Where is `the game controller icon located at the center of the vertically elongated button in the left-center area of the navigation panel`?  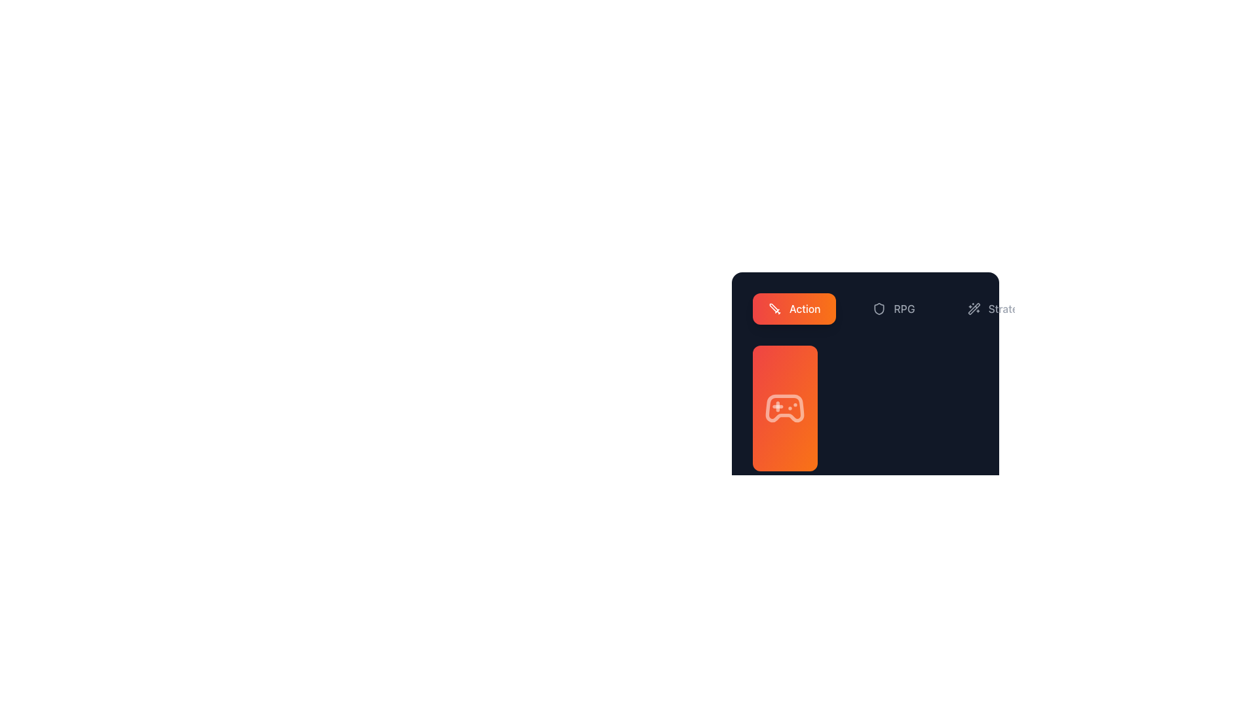 the game controller icon located at the center of the vertically elongated button in the left-center area of the navigation panel is located at coordinates (785, 408).